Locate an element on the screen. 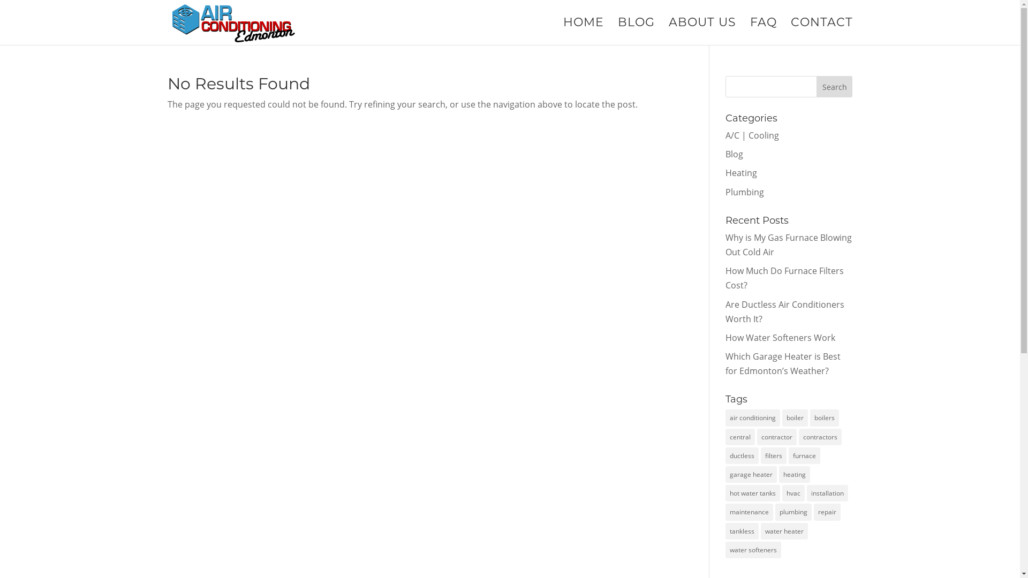 This screenshot has width=1028, height=578. 'contractor' is located at coordinates (776, 437).